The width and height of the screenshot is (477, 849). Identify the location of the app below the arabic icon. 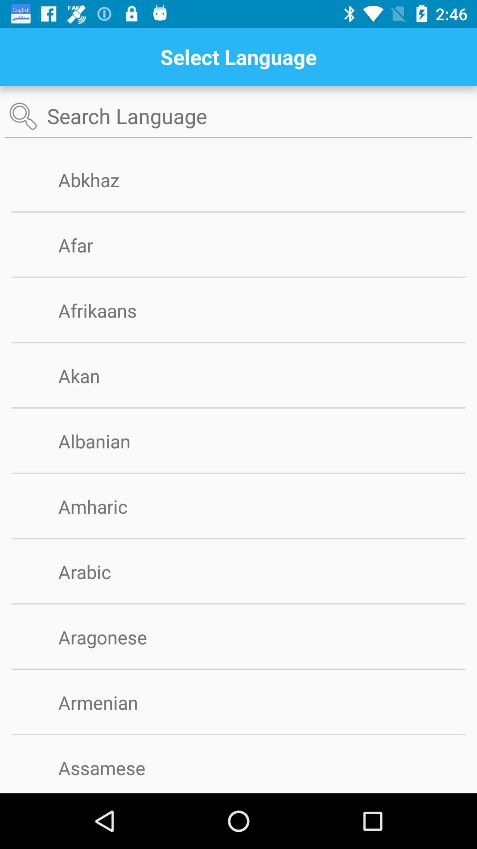
(238, 603).